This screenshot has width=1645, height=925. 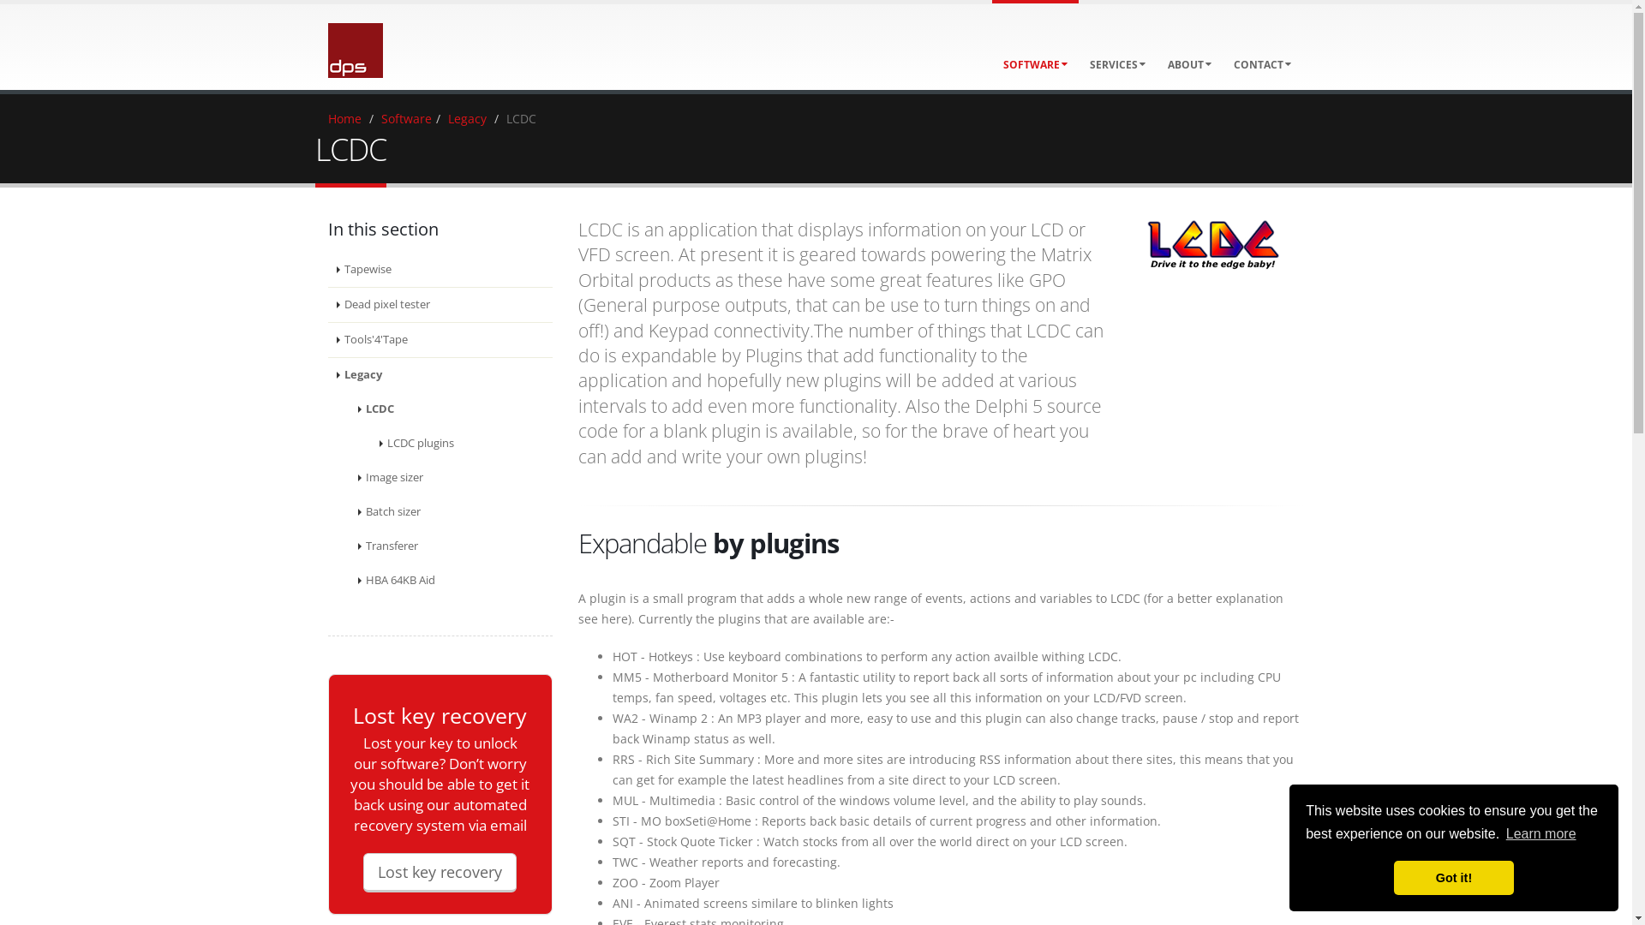 What do you see at coordinates (1503, 833) in the screenshot?
I see `'Learn more'` at bounding box center [1503, 833].